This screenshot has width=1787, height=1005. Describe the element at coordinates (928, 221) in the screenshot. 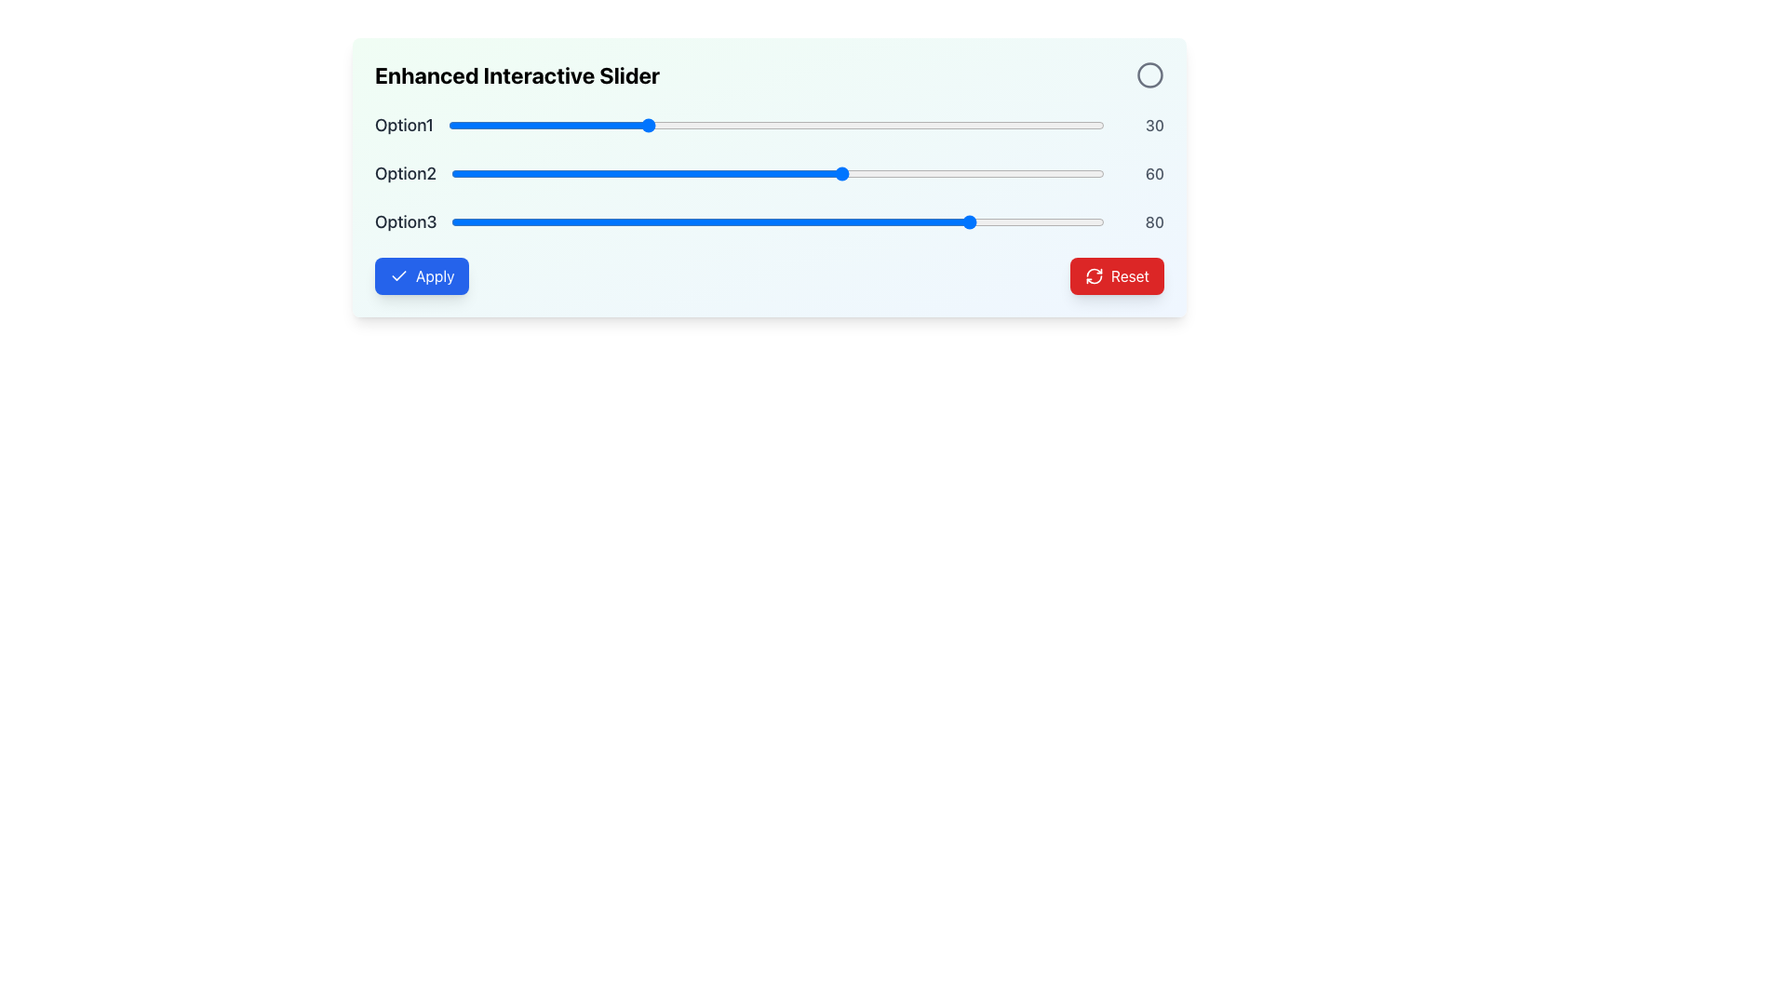

I see `the slider` at that location.